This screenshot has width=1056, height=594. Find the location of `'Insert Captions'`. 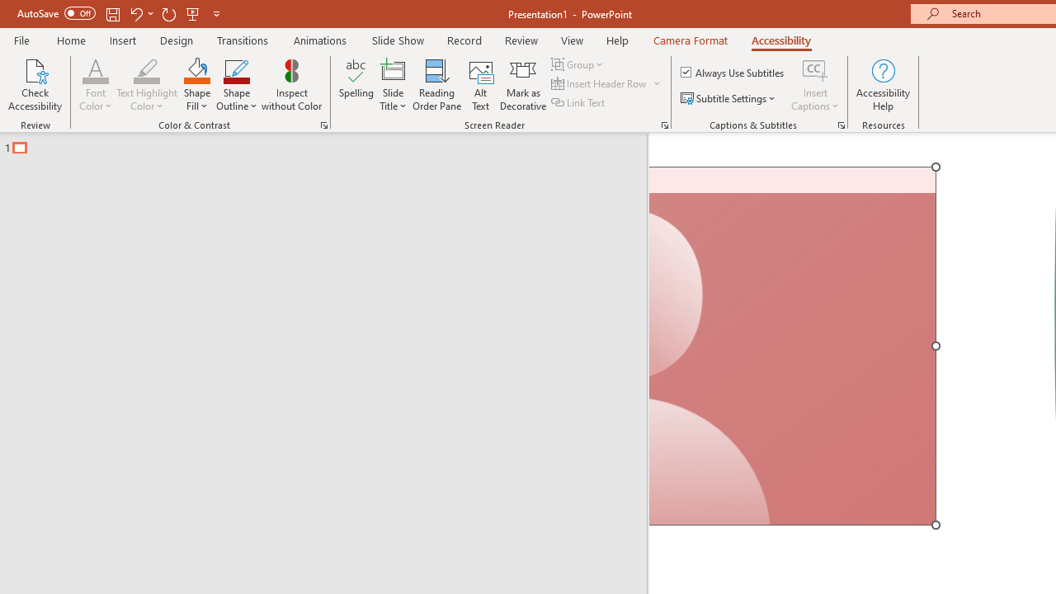

'Insert Captions' is located at coordinates (815, 85).